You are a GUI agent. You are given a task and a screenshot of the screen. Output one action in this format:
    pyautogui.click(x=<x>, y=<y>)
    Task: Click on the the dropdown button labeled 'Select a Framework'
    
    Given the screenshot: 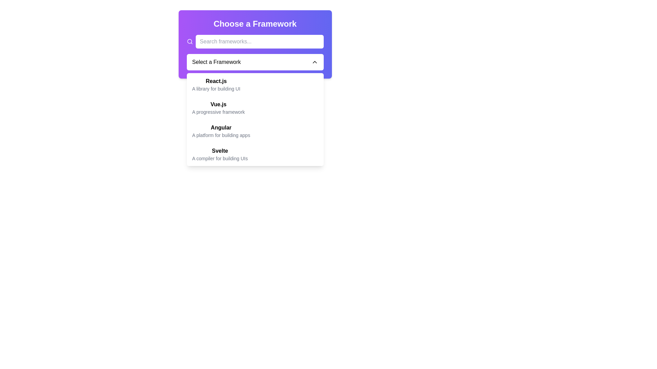 What is the action you would take?
    pyautogui.click(x=216, y=62)
    